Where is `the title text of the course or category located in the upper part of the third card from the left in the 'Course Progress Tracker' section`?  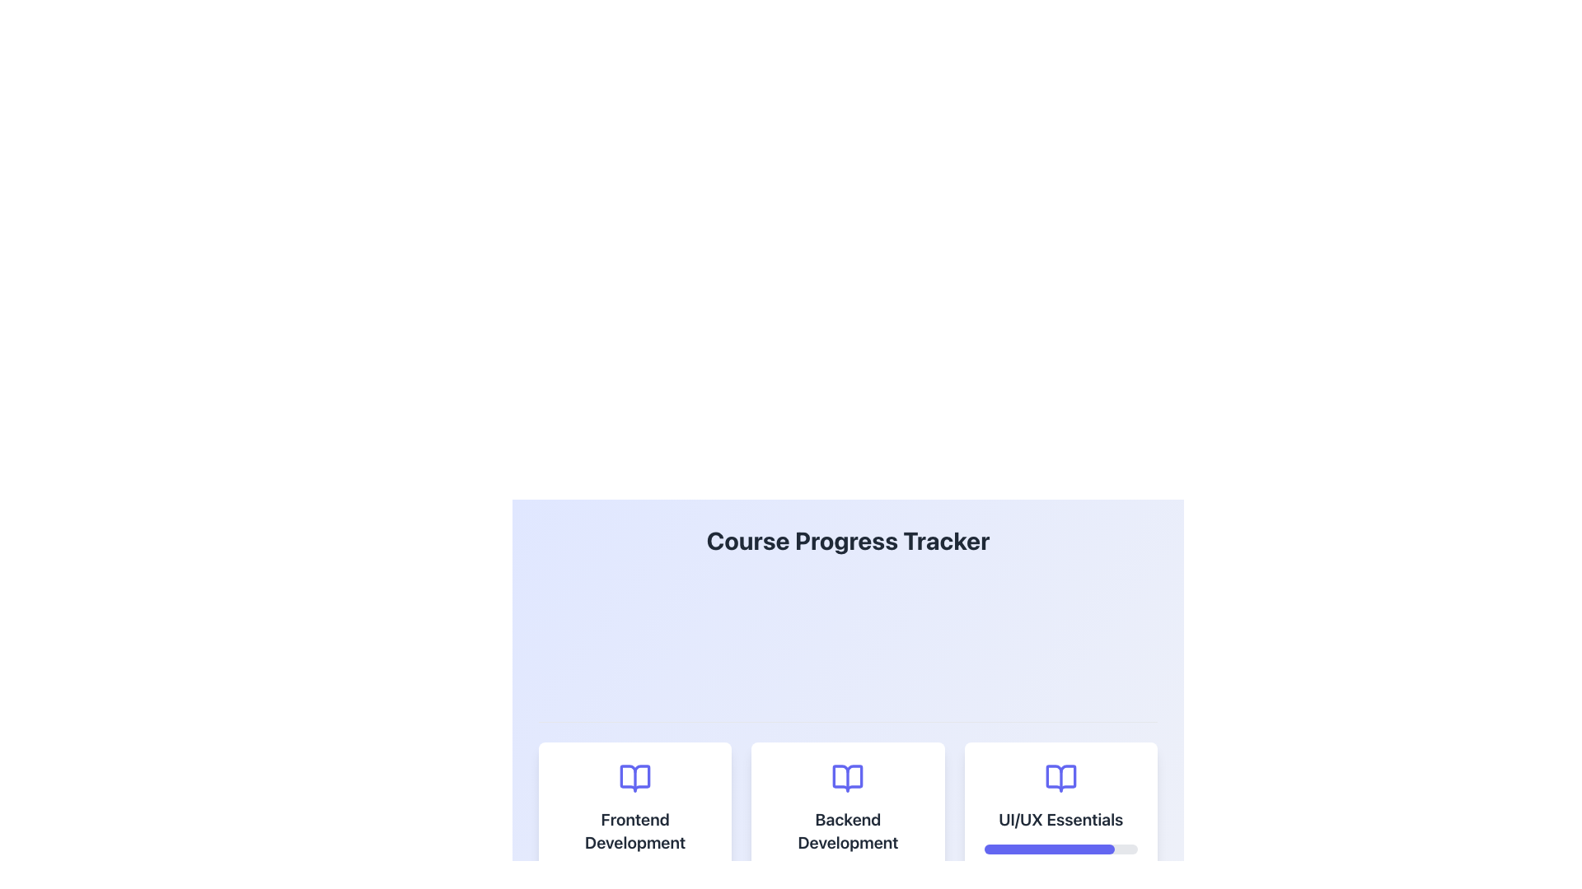
the title text of the course or category located in the upper part of the third card from the left in the 'Course Progress Tracker' section is located at coordinates (1060, 819).